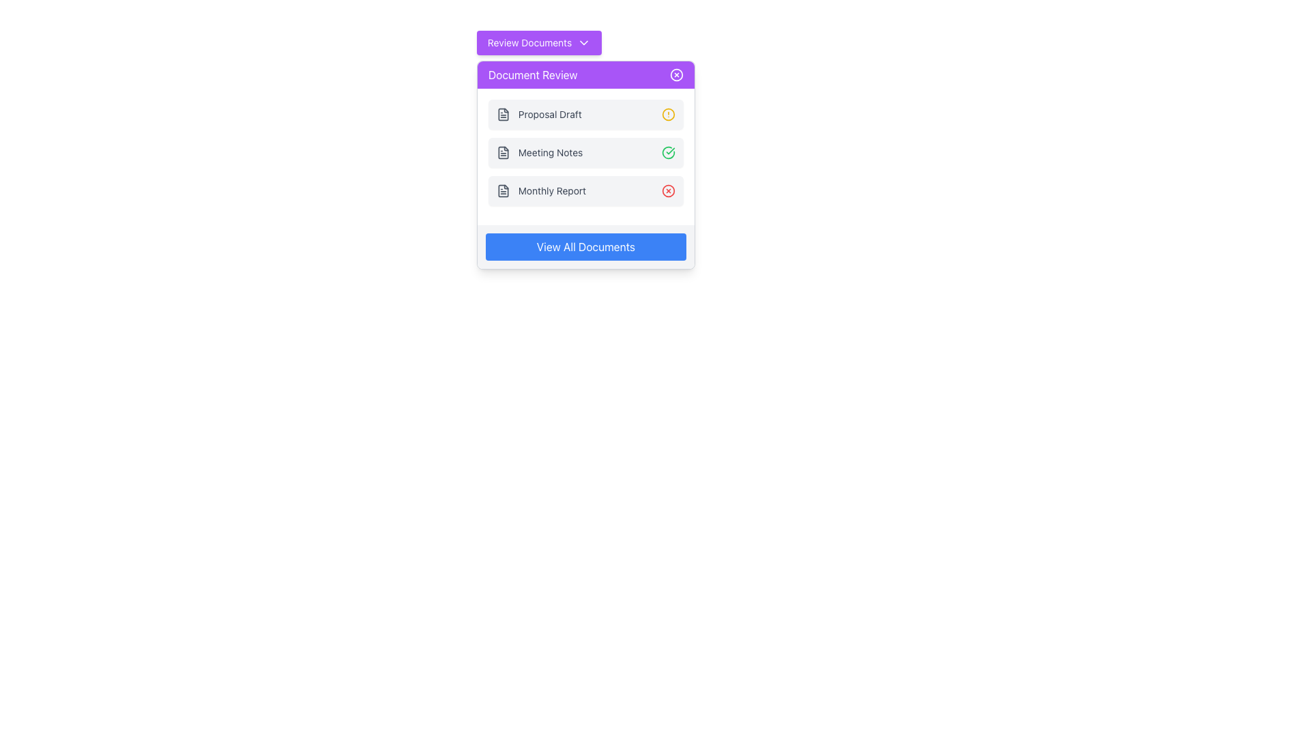 This screenshot has height=737, width=1310. What do you see at coordinates (585, 247) in the screenshot?
I see `the rectangular button with a blue background labeled 'View All Documents'` at bounding box center [585, 247].